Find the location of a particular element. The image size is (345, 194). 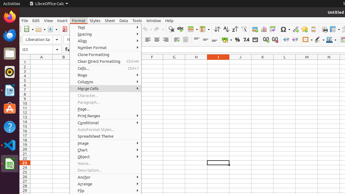

'Description...' is located at coordinates (105, 170).